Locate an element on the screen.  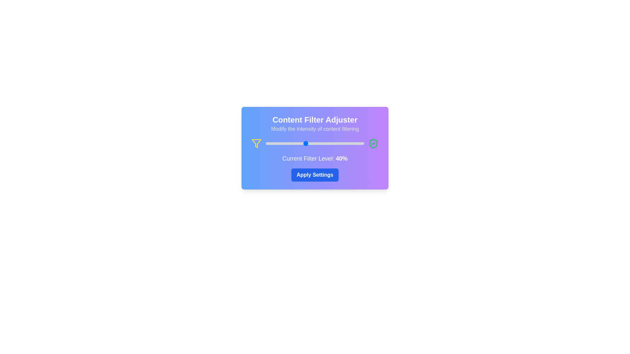
the slider to set the filter level to 41% is located at coordinates (305, 143).